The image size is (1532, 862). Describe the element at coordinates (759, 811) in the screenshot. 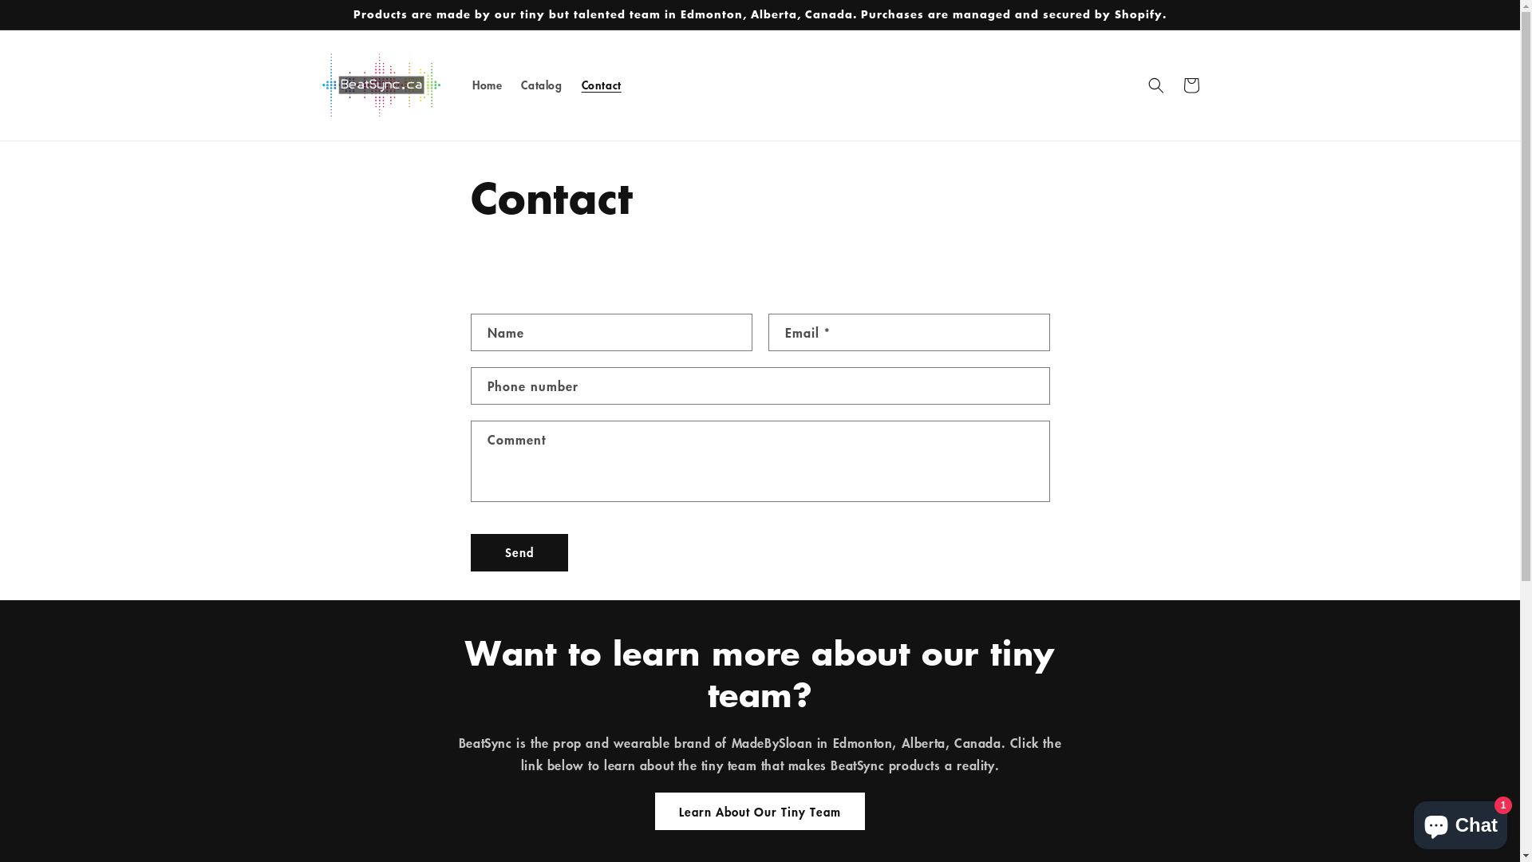

I see `'Learn About Our Tiny Team'` at that location.